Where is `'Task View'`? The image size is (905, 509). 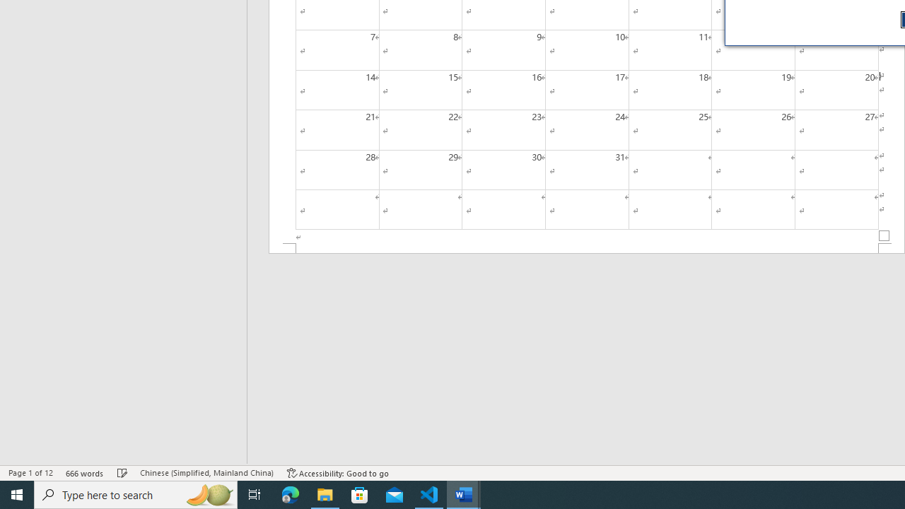
'Task View' is located at coordinates (254, 493).